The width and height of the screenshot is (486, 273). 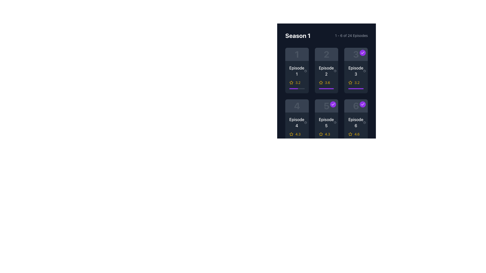 What do you see at coordinates (356, 71) in the screenshot?
I see `the episode 3 card` at bounding box center [356, 71].